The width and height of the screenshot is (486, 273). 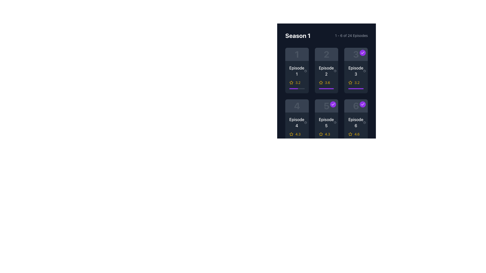 What do you see at coordinates (356, 71) in the screenshot?
I see `the episode 3 card` at bounding box center [356, 71].